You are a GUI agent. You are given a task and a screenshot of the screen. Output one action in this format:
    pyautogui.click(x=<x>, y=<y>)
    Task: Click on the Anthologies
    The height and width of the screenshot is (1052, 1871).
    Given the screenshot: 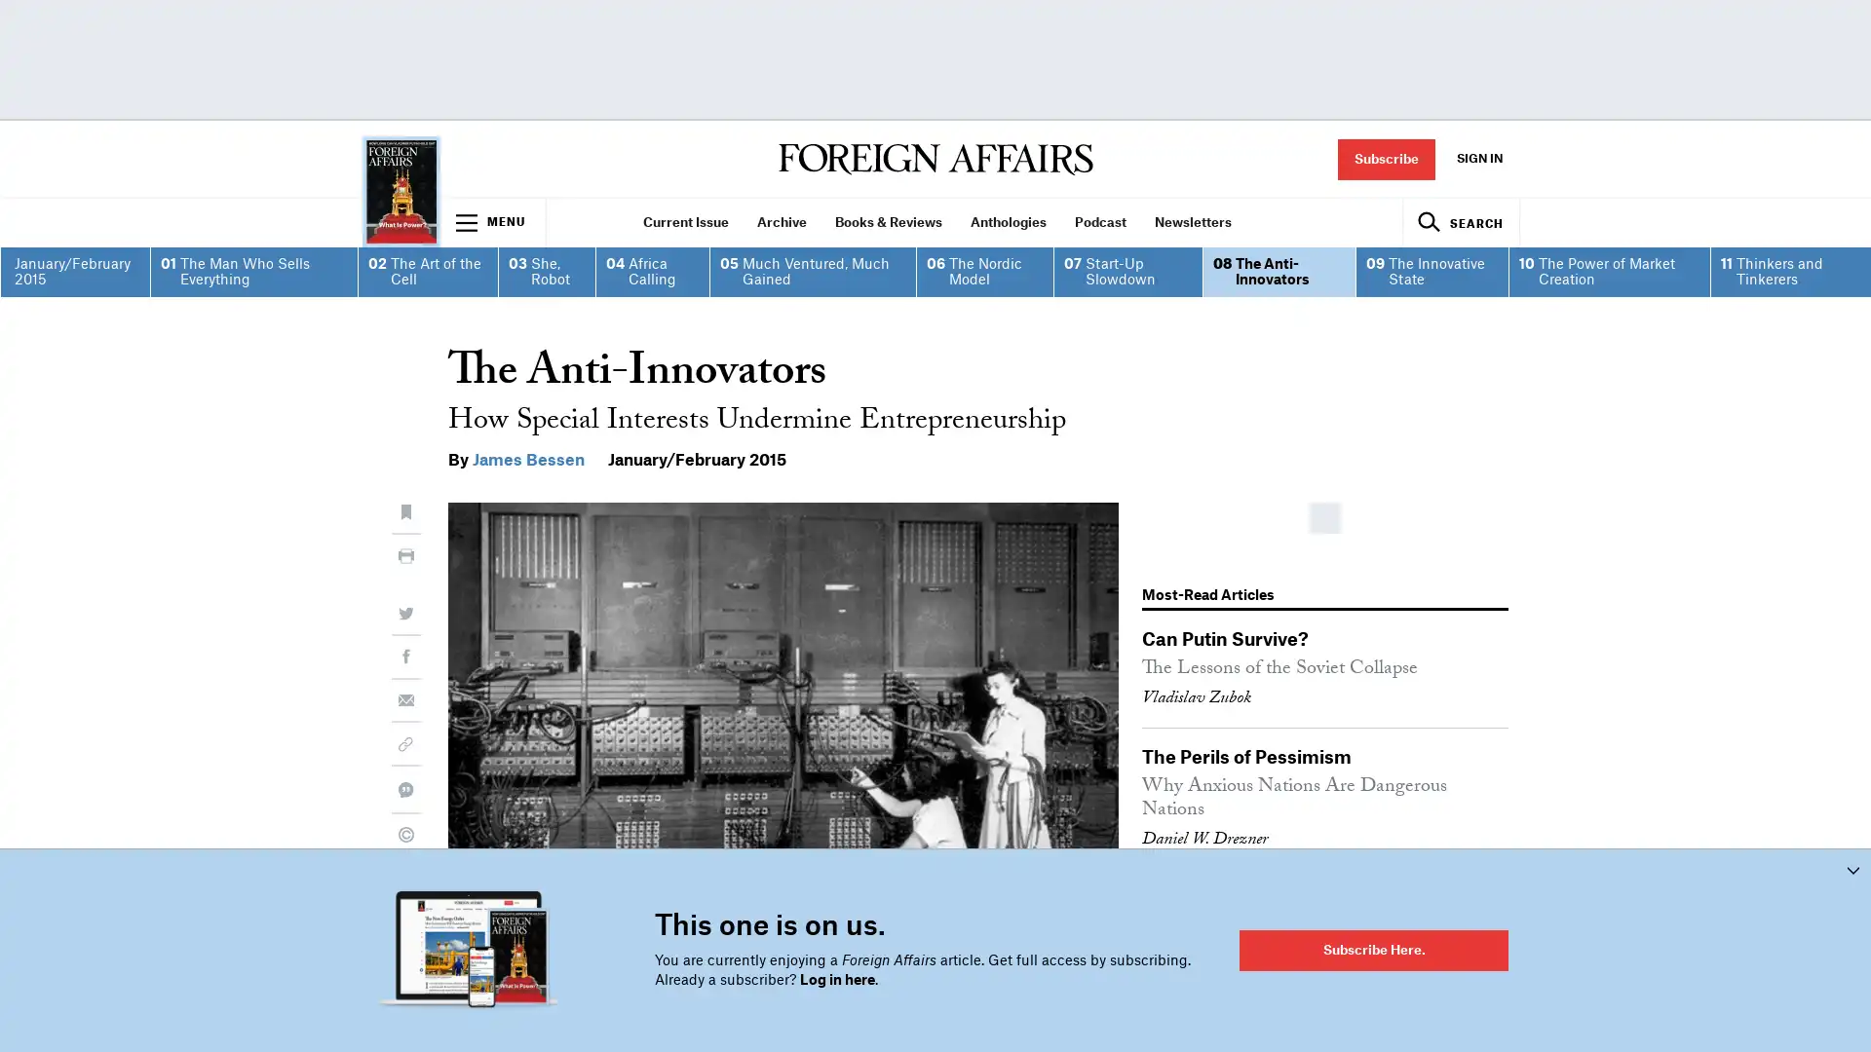 What is the action you would take?
    pyautogui.click(x=1008, y=221)
    